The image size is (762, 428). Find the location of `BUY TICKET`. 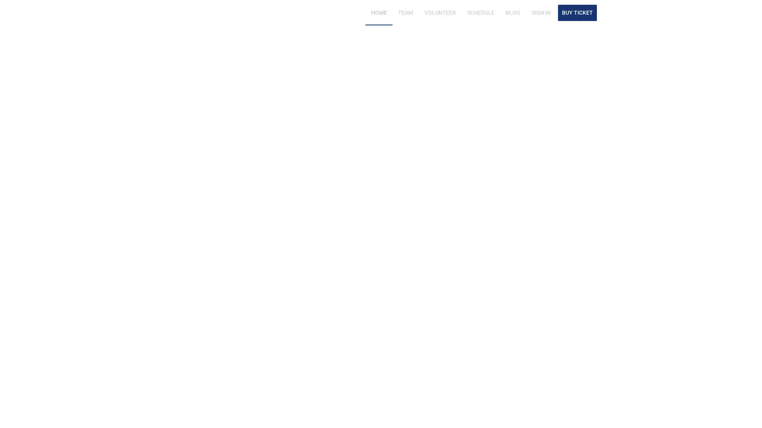

BUY TICKET is located at coordinates (577, 12).